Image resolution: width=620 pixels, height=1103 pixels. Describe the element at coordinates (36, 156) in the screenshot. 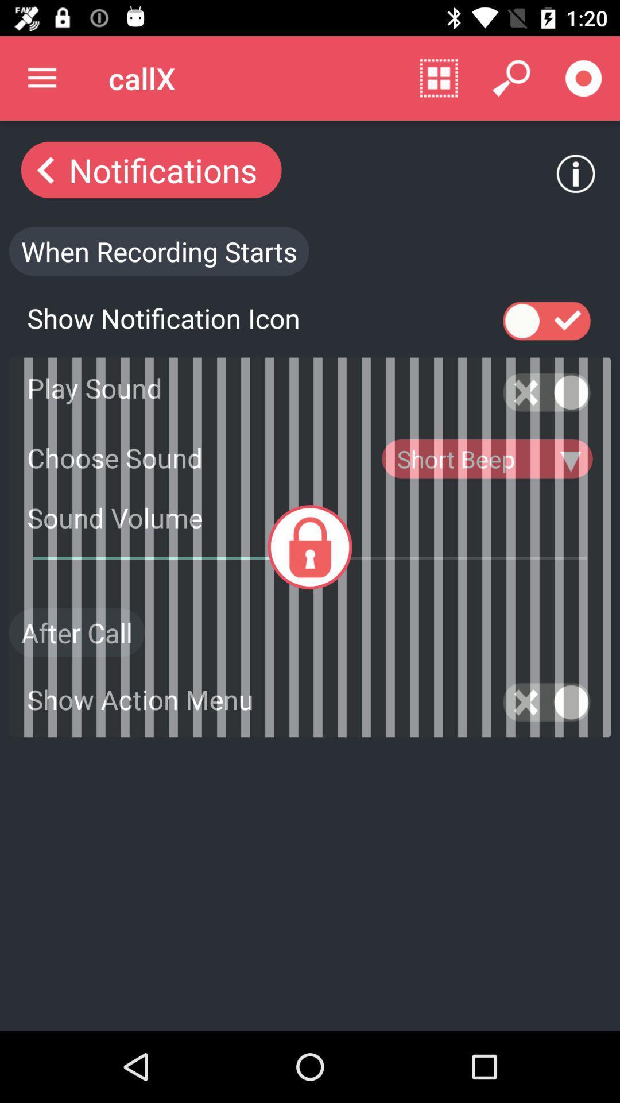

I see `the arrow_backward icon` at that location.